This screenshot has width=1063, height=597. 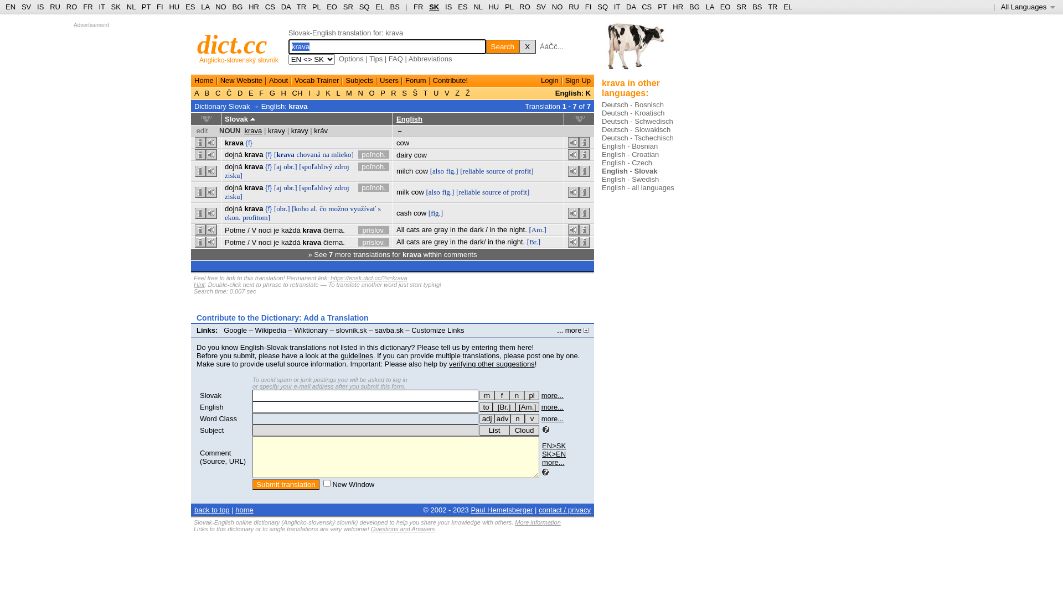 What do you see at coordinates (350, 329) in the screenshot?
I see `'slovnik.sk'` at bounding box center [350, 329].